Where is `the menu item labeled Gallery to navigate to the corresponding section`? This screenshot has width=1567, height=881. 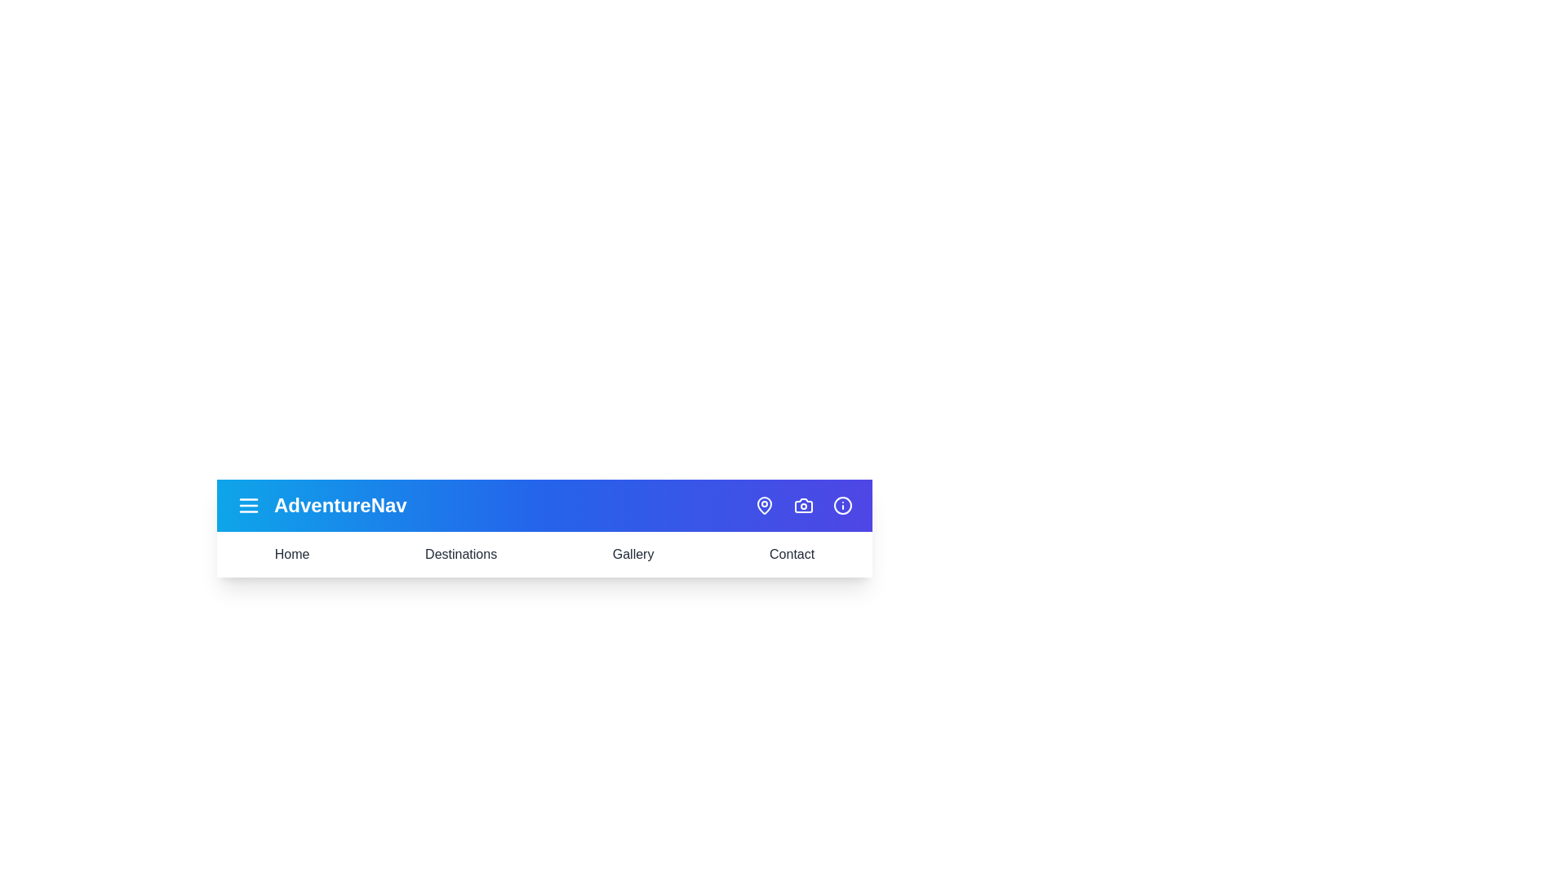 the menu item labeled Gallery to navigate to the corresponding section is located at coordinates (633, 553).